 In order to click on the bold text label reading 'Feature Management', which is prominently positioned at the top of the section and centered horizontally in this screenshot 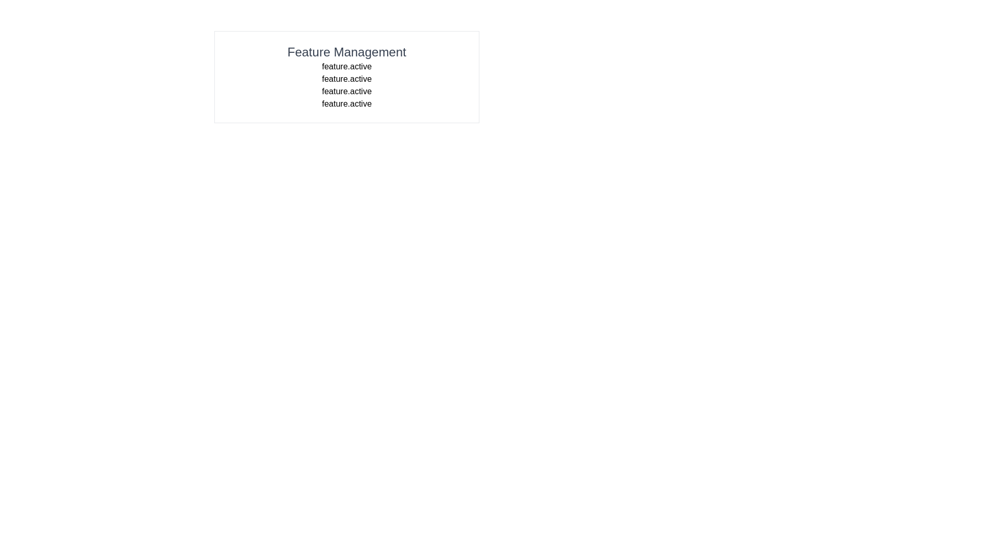, I will do `click(347, 52)`.